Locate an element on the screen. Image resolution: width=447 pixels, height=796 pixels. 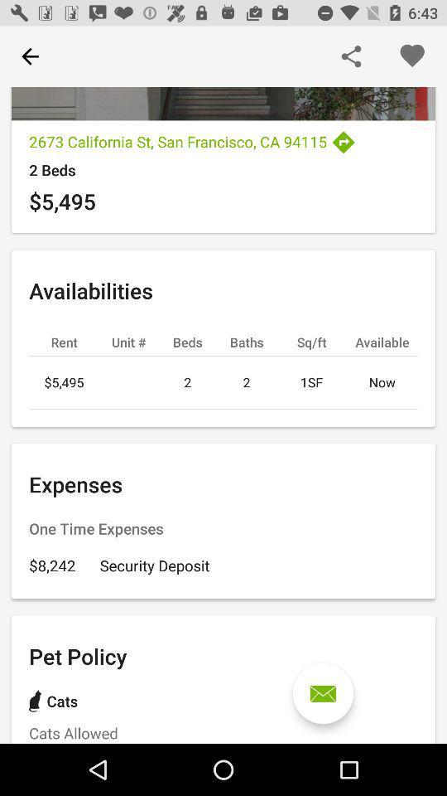
like this listing is located at coordinates (411, 56).